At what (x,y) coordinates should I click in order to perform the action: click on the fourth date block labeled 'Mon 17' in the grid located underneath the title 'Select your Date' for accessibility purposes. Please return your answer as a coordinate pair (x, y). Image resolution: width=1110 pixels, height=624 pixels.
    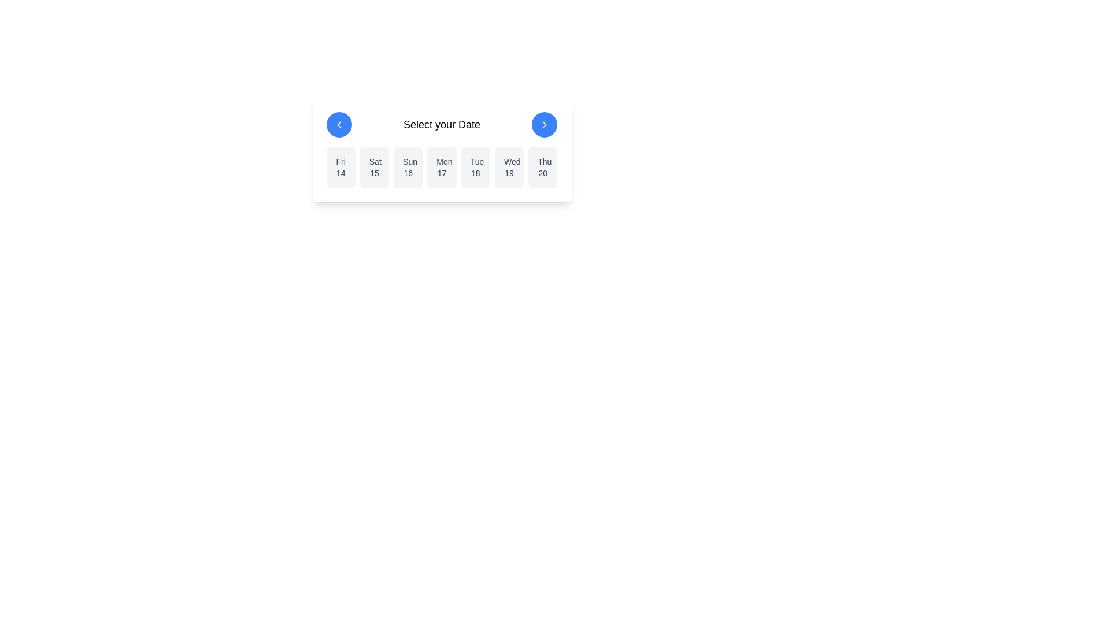
    Looking at the image, I should click on (441, 167).